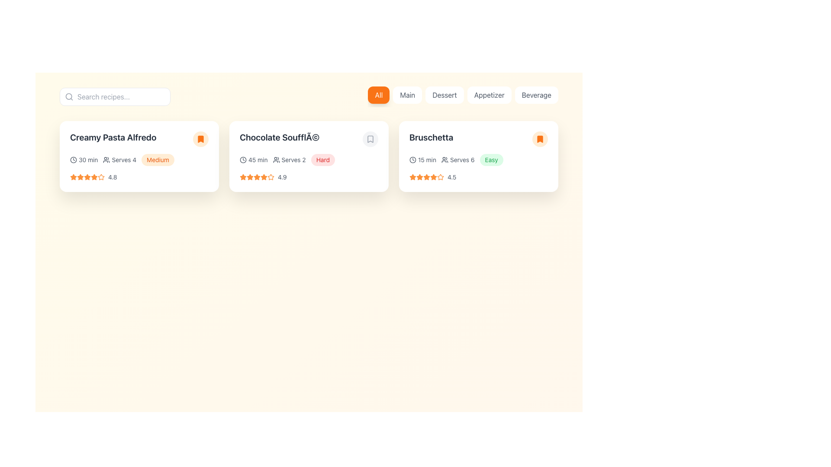 Image resolution: width=831 pixels, height=467 pixels. What do you see at coordinates (412, 176) in the screenshot?
I see `the first star icon in the rating system located near the 'Bruschetta' recipe card at the bottom left corner` at bounding box center [412, 176].